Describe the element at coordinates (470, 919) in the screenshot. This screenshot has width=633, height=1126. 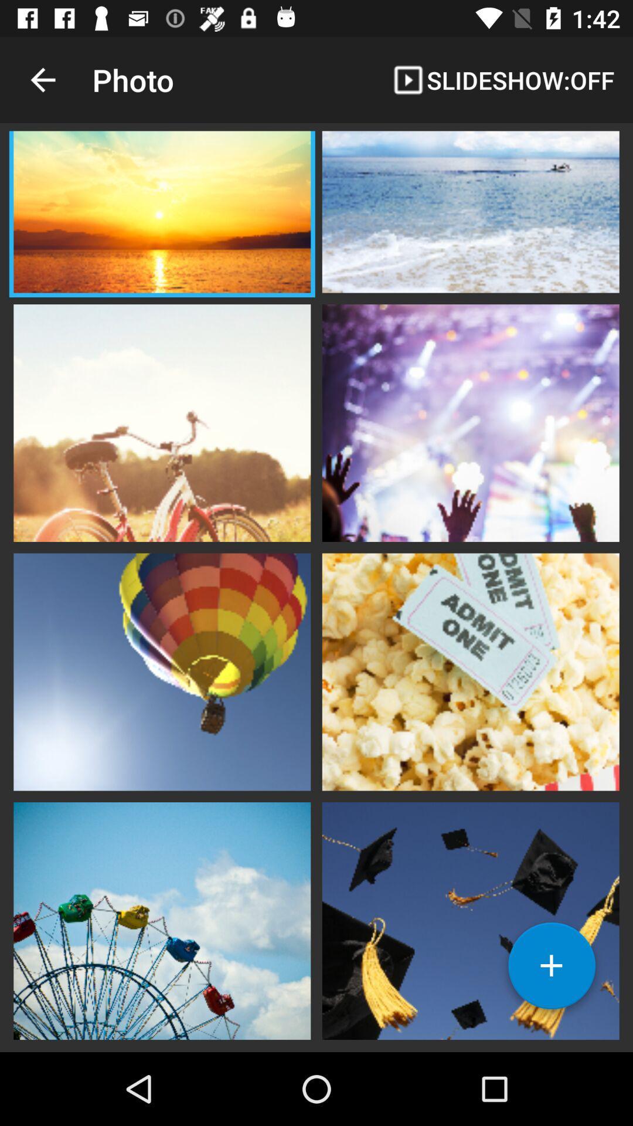
I see `picture` at that location.